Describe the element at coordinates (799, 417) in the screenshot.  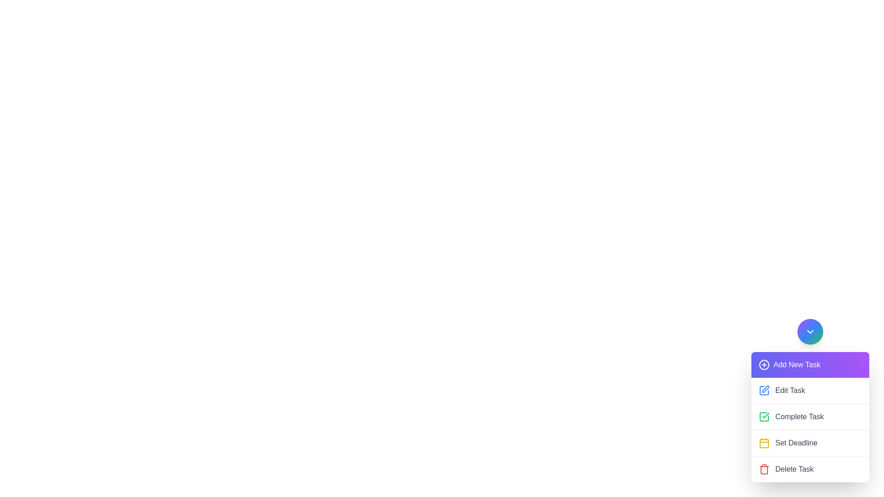
I see `the 'Mark as Completed' text label in the interactive menu, which is the third entry in the list located below the button with a downward arrow icon` at that location.